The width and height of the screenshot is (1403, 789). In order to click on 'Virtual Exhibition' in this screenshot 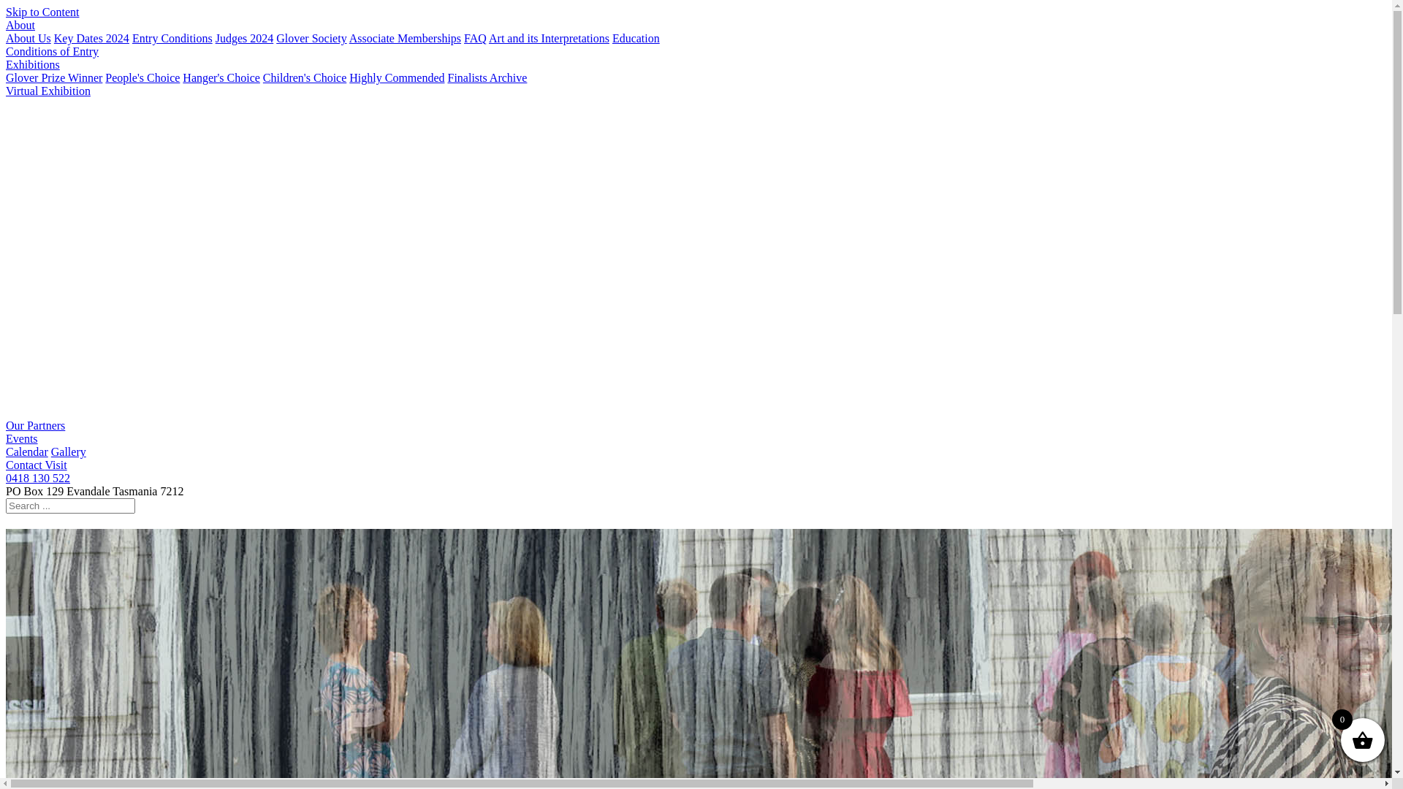, I will do `click(48, 91)`.